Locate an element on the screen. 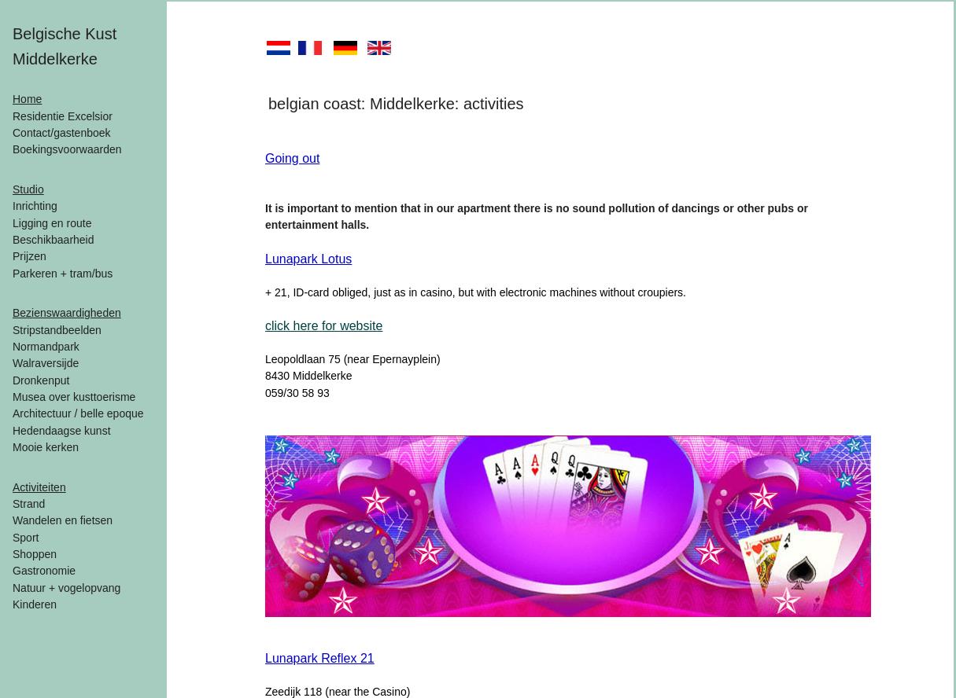  'Belgische Kust' is located at coordinates (65, 33).